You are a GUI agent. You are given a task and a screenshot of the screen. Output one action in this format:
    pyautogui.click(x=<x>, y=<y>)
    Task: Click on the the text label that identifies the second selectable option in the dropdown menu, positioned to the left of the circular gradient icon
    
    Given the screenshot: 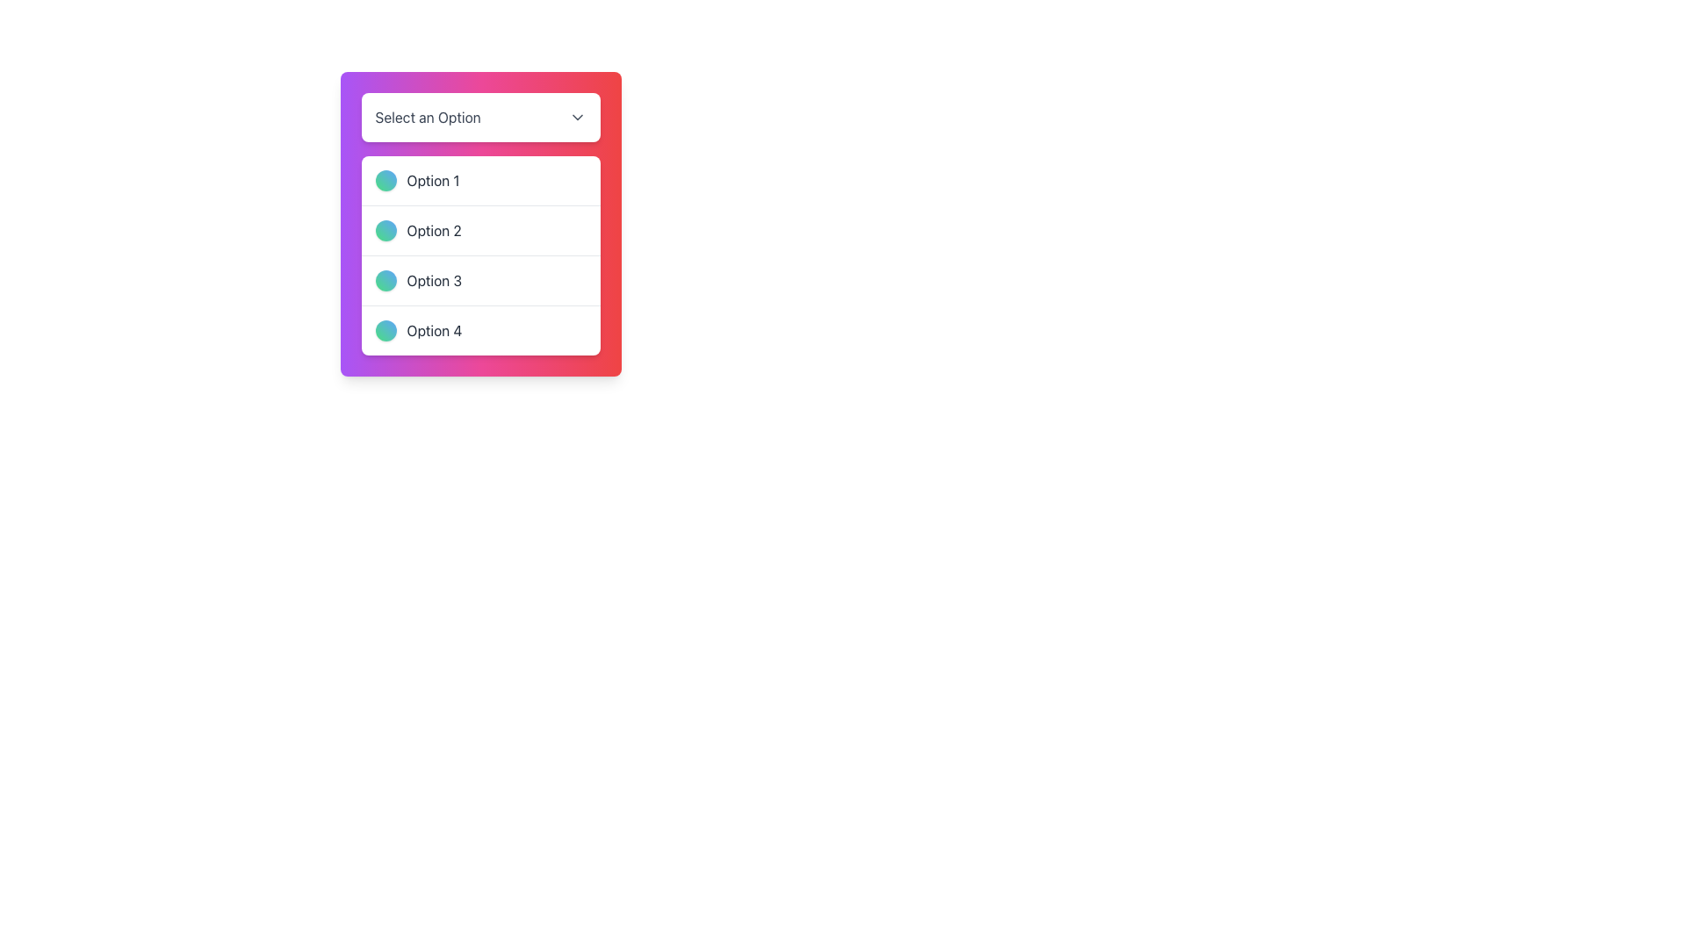 What is the action you would take?
    pyautogui.click(x=434, y=229)
    